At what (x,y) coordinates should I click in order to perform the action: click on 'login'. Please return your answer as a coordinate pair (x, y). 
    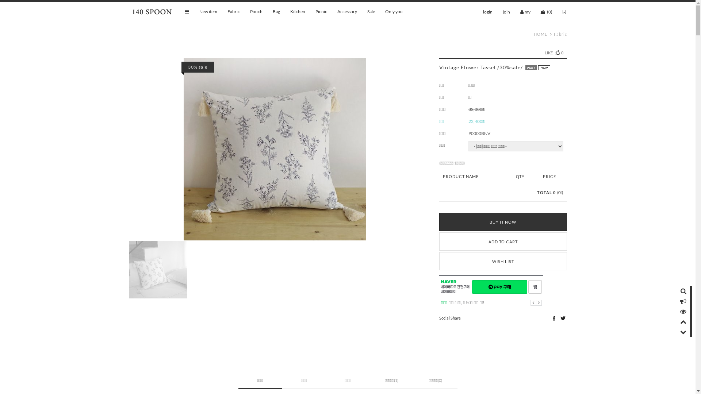
    Looking at the image, I should click on (487, 11).